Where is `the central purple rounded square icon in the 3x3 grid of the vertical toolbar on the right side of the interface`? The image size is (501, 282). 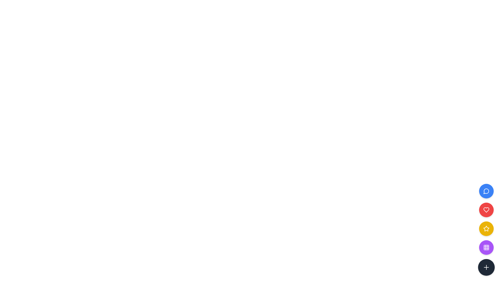 the central purple rounded square icon in the 3x3 grid of the vertical toolbar on the right side of the interface is located at coordinates (486, 247).